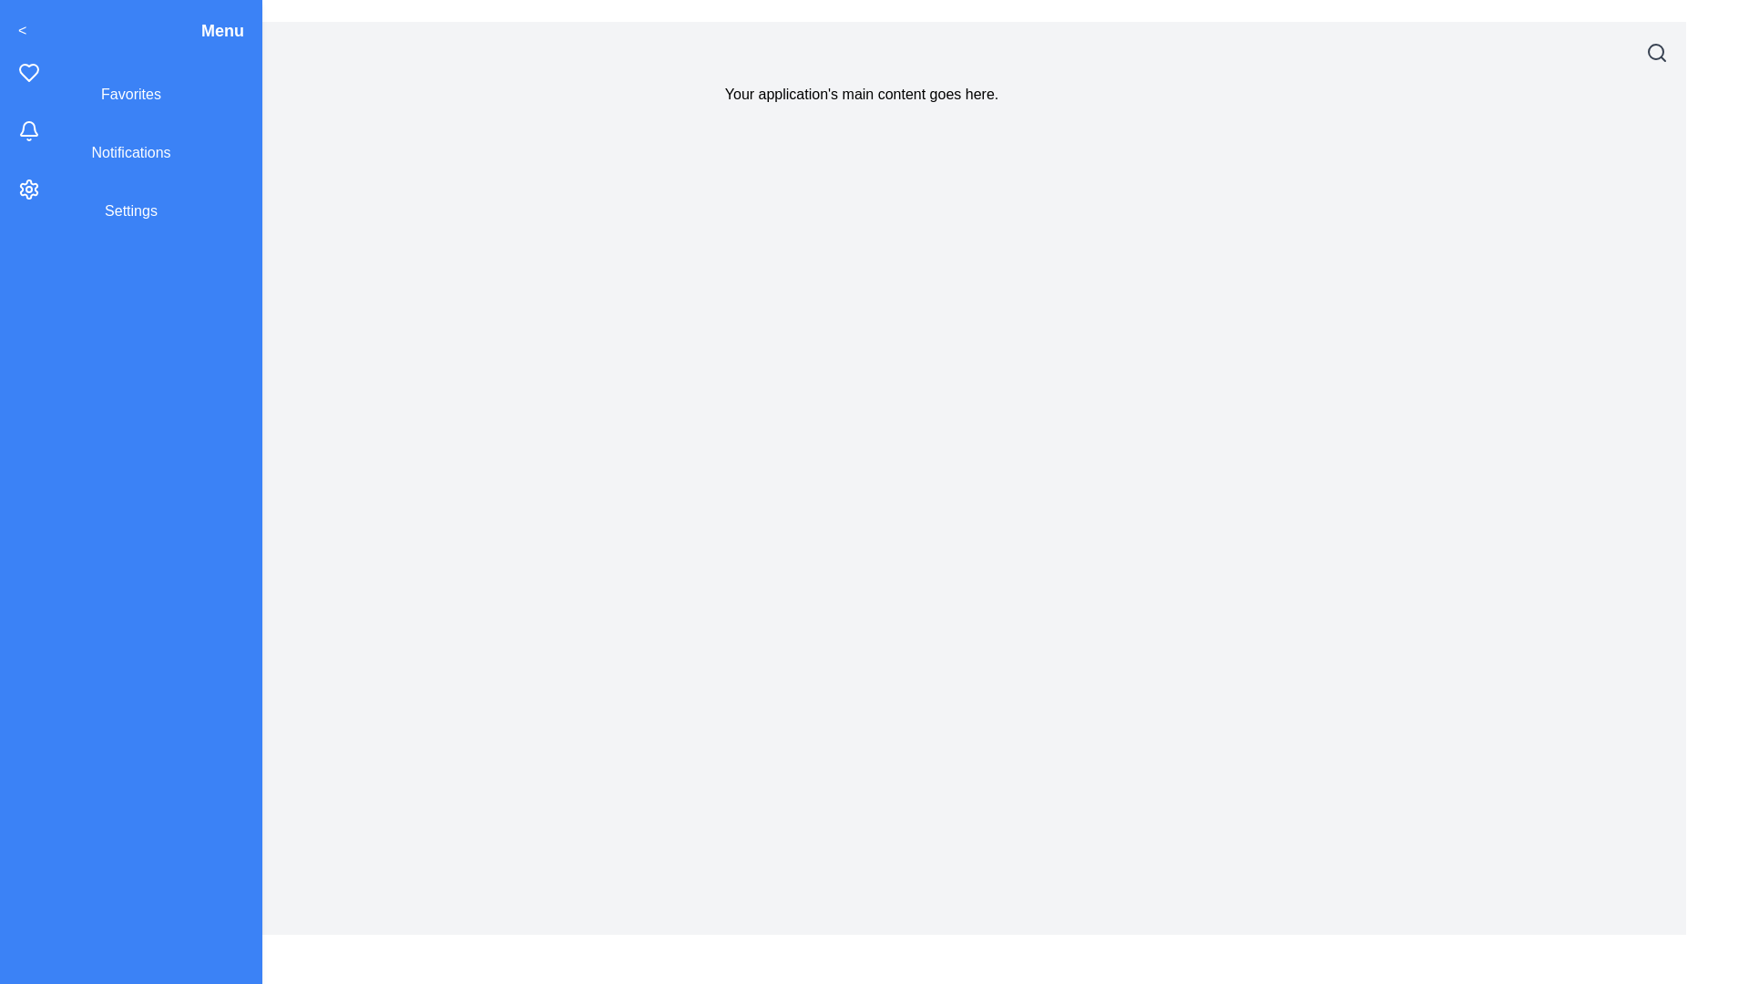 The width and height of the screenshot is (1749, 984). Describe the element at coordinates (1657, 51) in the screenshot. I see `the search icon located at the top-right corner of the screen` at that location.